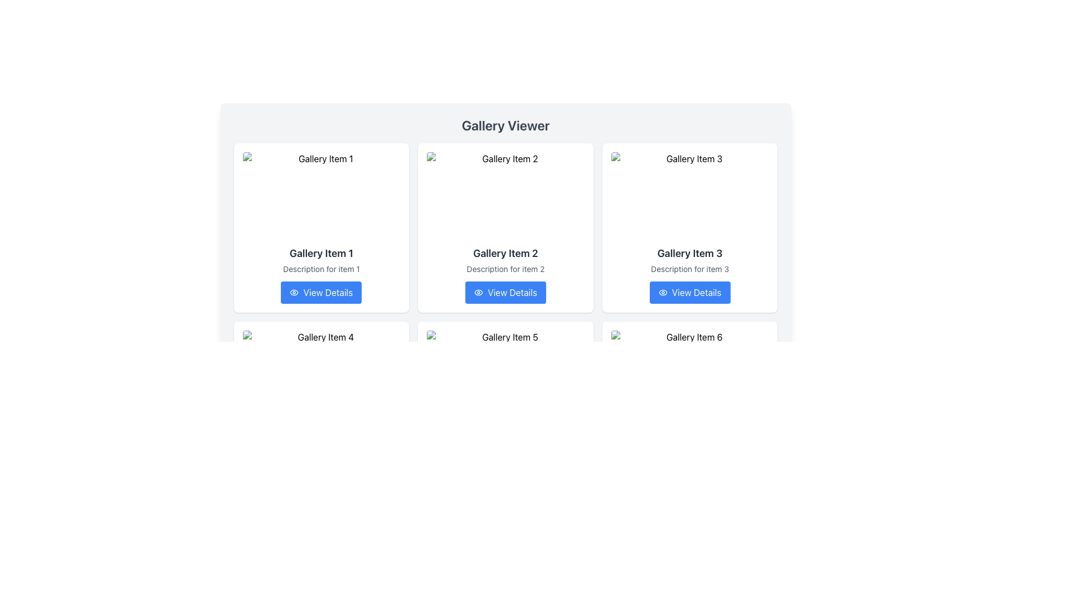  Describe the element at coordinates (689, 254) in the screenshot. I see `text label titled 'Gallery Item 3' located in the third column of the gallery viewer interface, positioned below the thumbnail image and above the description text` at that location.